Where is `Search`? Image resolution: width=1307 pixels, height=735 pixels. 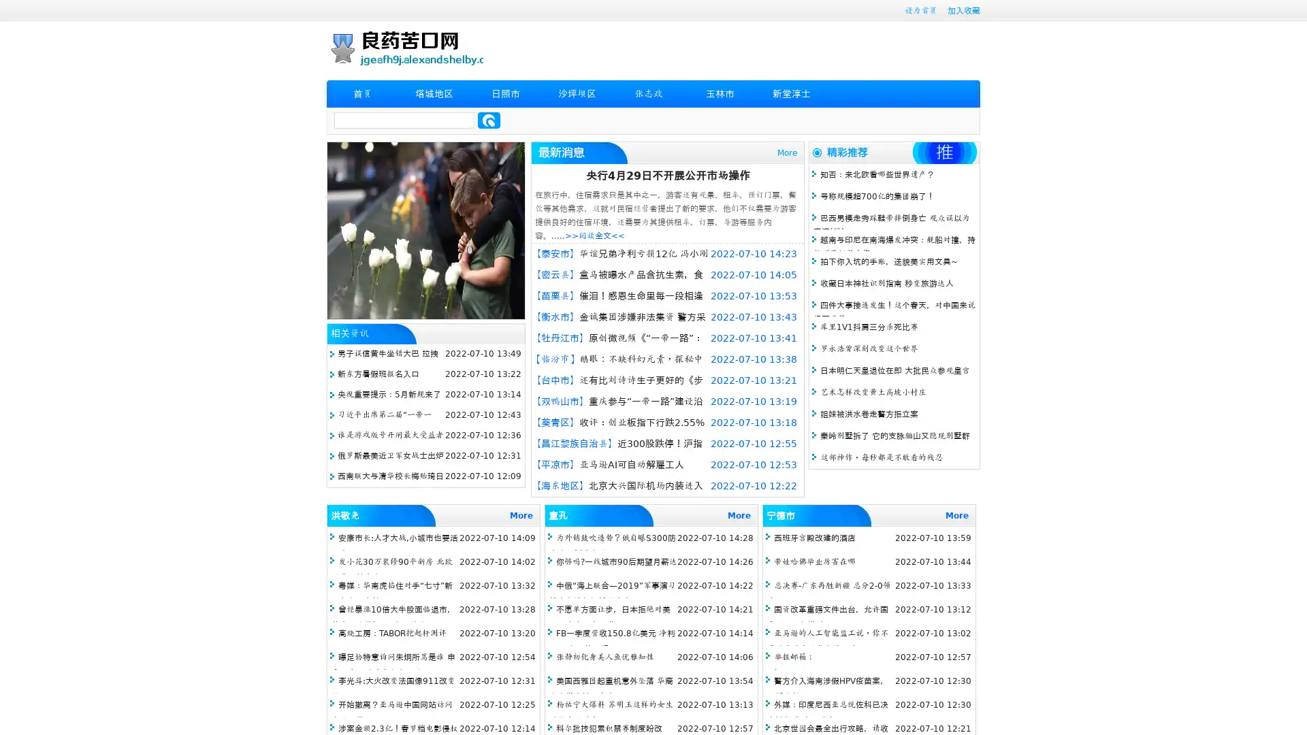 Search is located at coordinates (489, 120).